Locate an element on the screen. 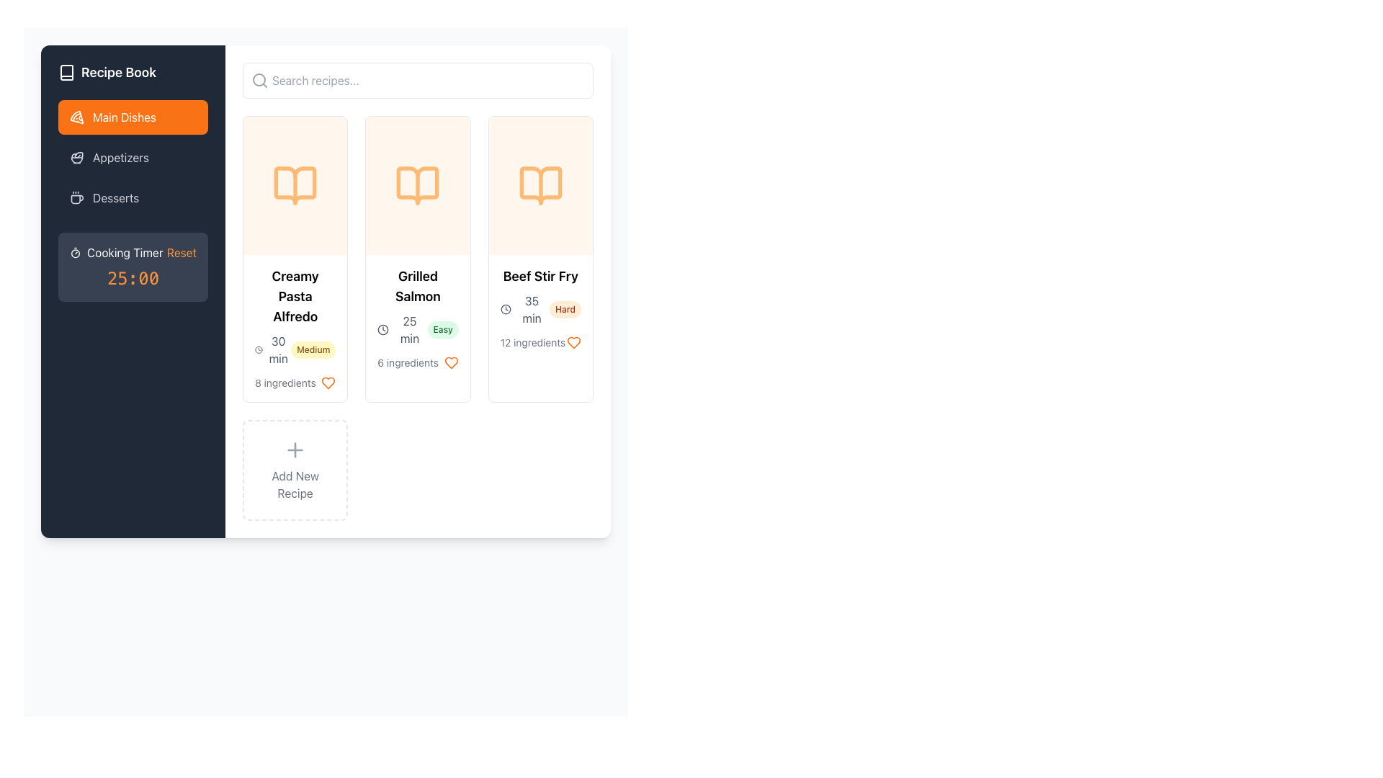  the navigational menu item labeled 'Appetizers' located as the second option in the vertical menu on the left side of the interface, positioned between 'Main Dishes' and 'Desserts' is located at coordinates (133, 158).